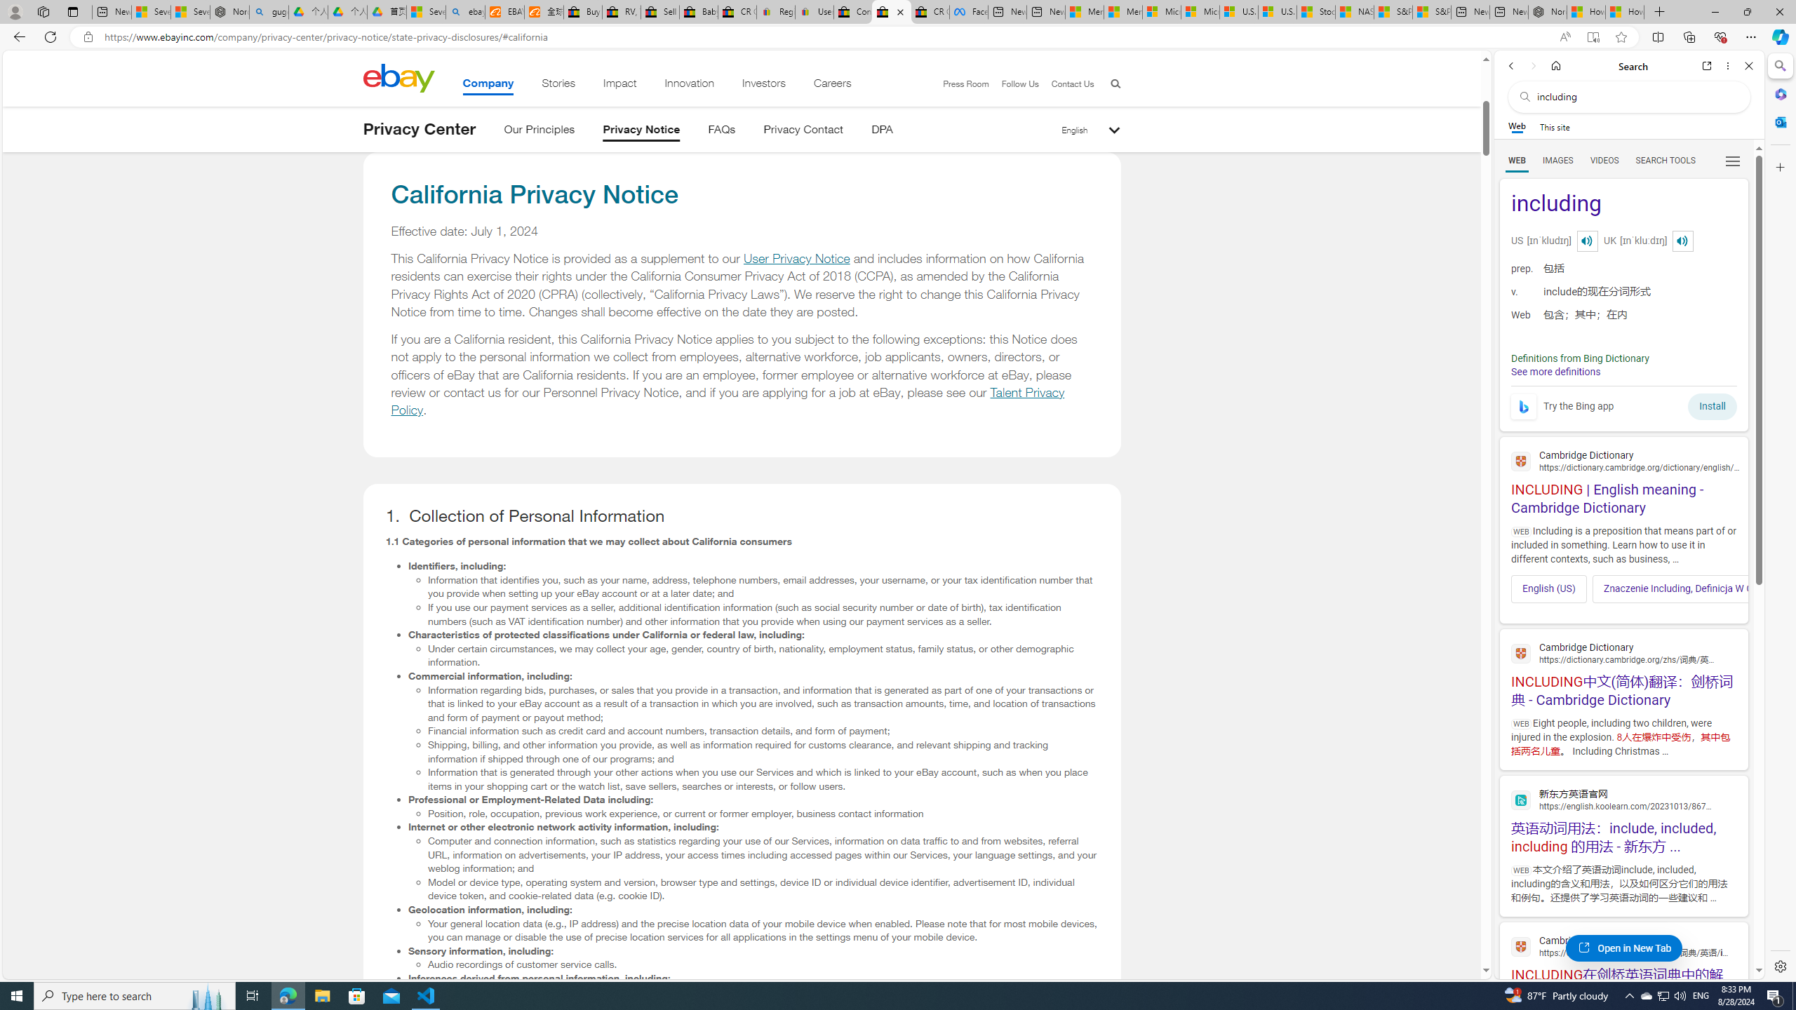  What do you see at coordinates (728, 400) in the screenshot?
I see `'Talent Privacy Policy'` at bounding box center [728, 400].